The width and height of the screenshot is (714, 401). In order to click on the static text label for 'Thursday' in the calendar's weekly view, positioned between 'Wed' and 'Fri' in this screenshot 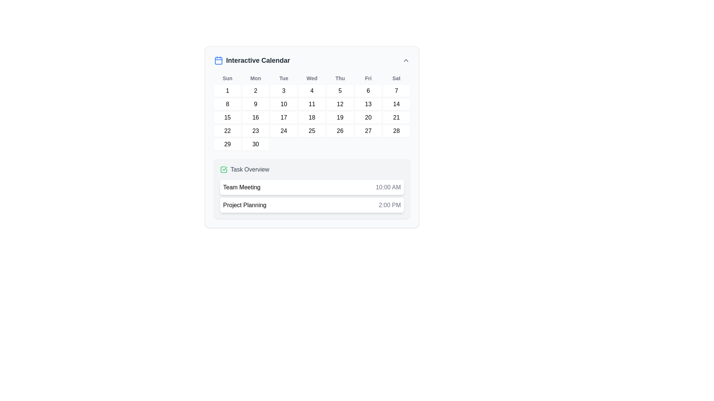, I will do `click(340, 78)`.